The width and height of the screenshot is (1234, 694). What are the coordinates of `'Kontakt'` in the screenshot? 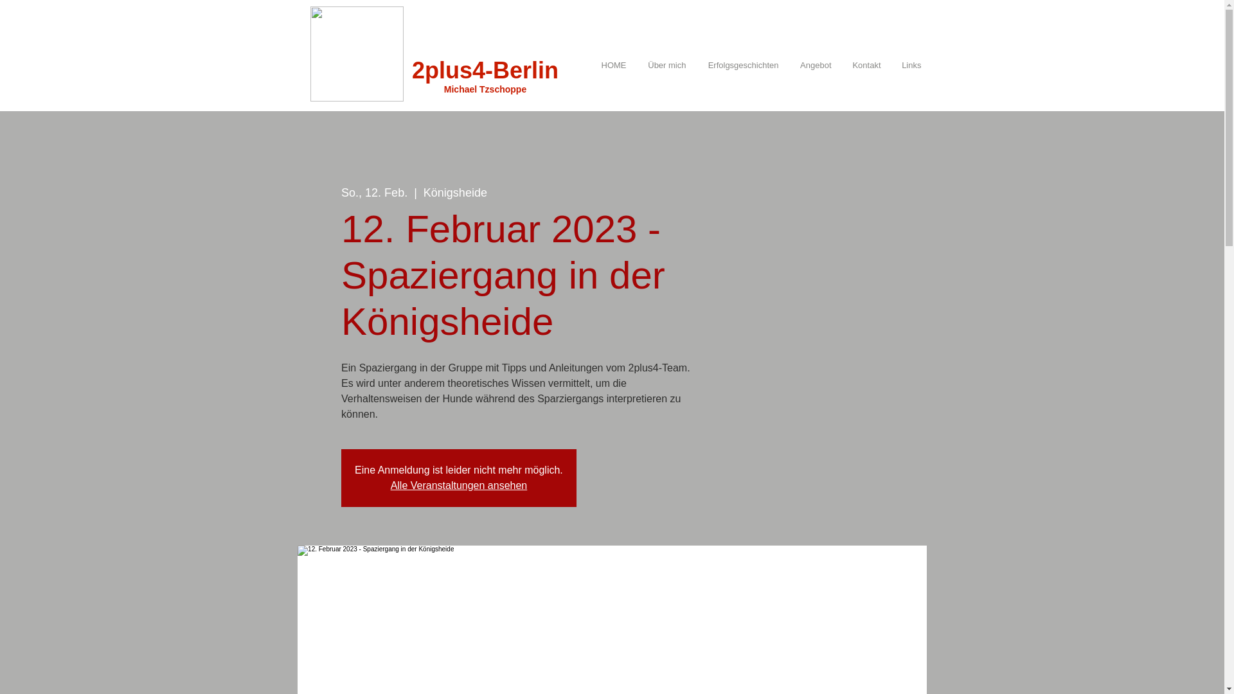 It's located at (863, 65).